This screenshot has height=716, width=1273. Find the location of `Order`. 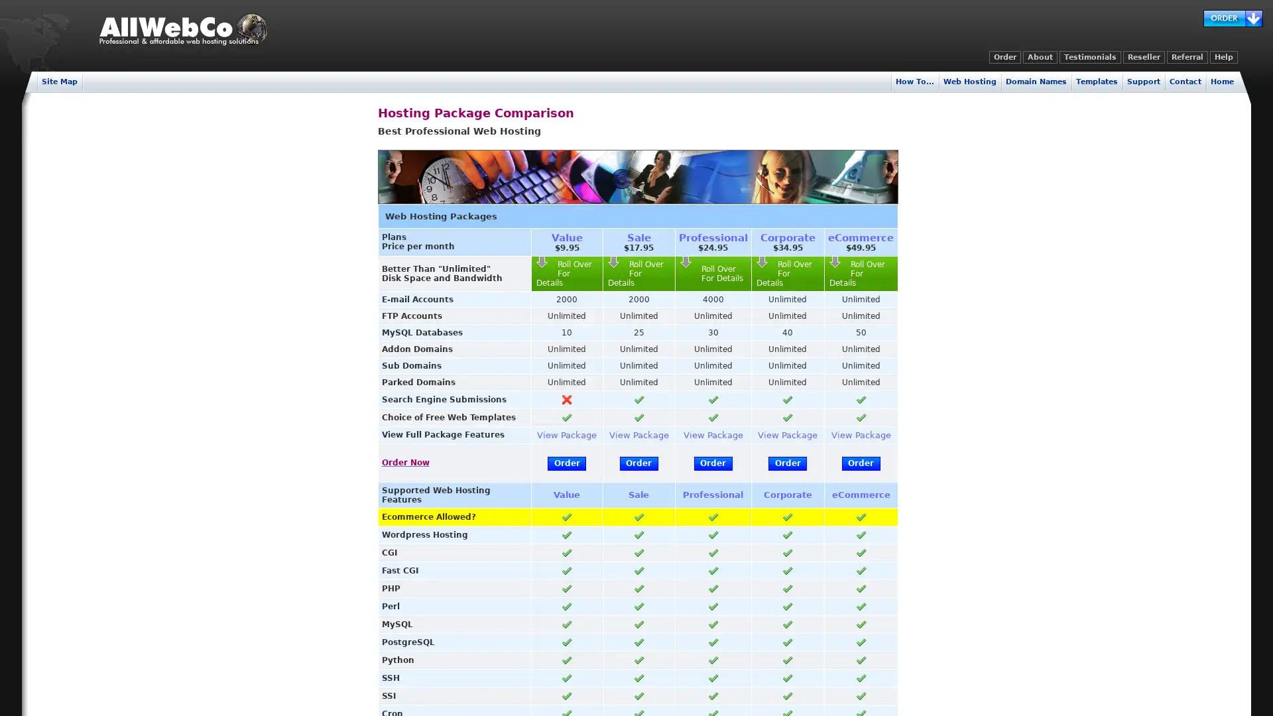

Order is located at coordinates (712, 462).